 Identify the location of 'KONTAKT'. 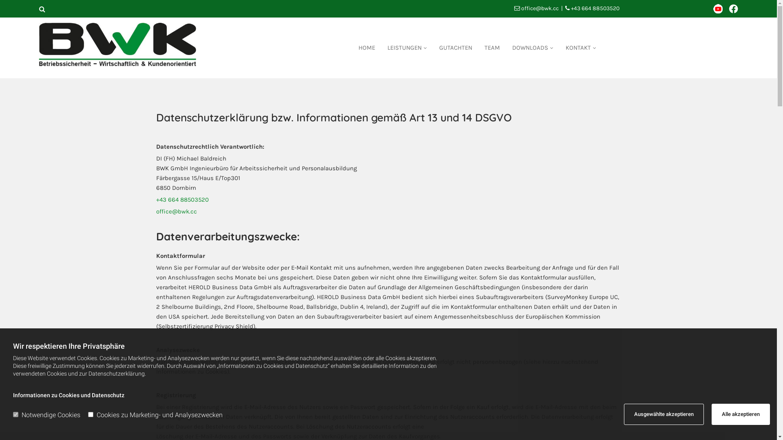
(580, 47).